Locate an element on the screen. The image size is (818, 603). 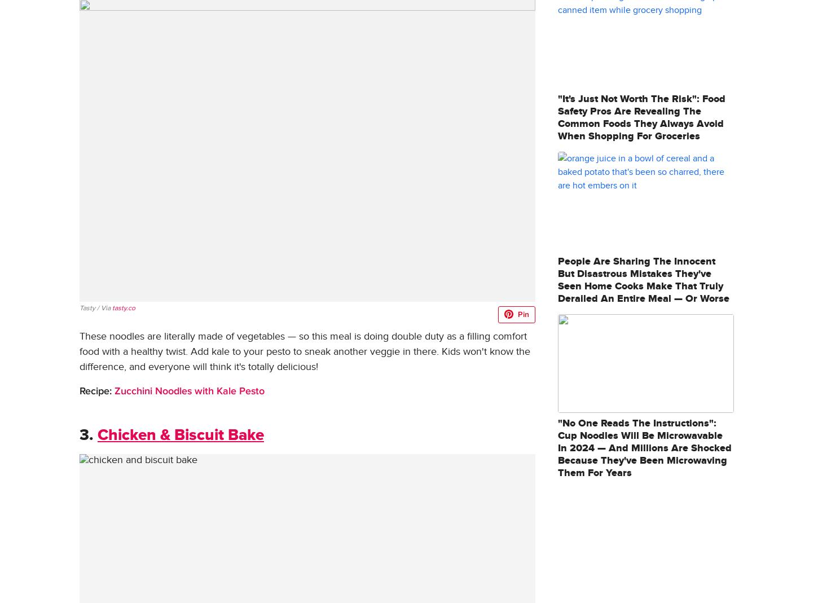
'These noodles are literally made of vegetables — so this meal is doing double duty as a filling comfort food with a healthy twist. Add kale to your pesto to sneak another veggie in there. Kids won't know the difference, and everyone will think it's totally delicious!' is located at coordinates (305, 351).